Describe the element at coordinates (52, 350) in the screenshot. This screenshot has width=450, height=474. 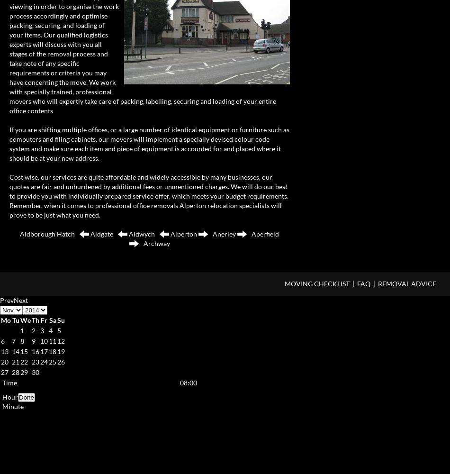
I see `'18'` at that location.